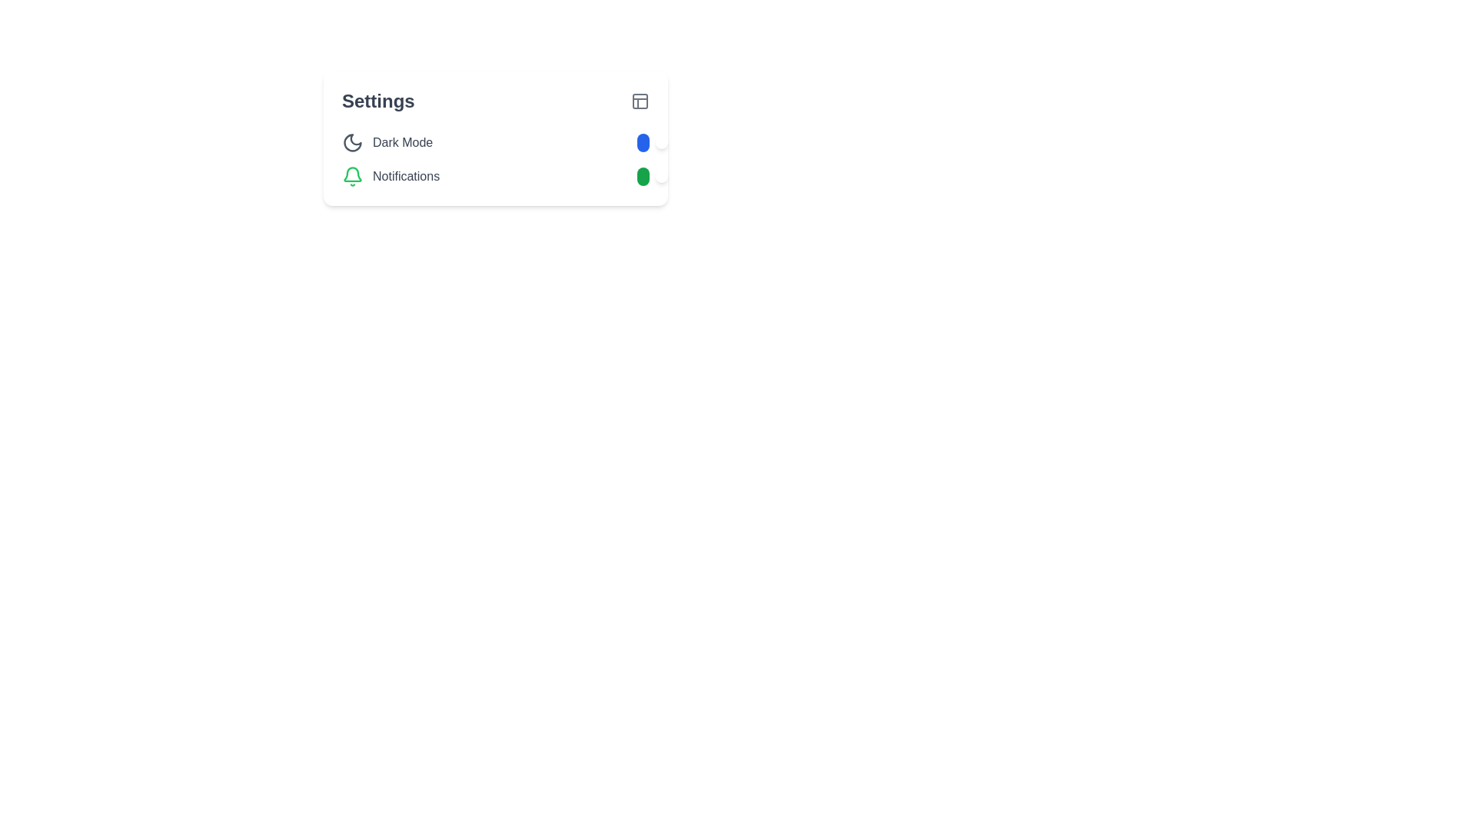  What do you see at coordinates (643, 142) in the screenshot?
I see `the blue toggle switch with a white circular handle indicating the 'on' state, located at the far-right end of the 'Dark Mode' group` at bounding box center [643, 142].